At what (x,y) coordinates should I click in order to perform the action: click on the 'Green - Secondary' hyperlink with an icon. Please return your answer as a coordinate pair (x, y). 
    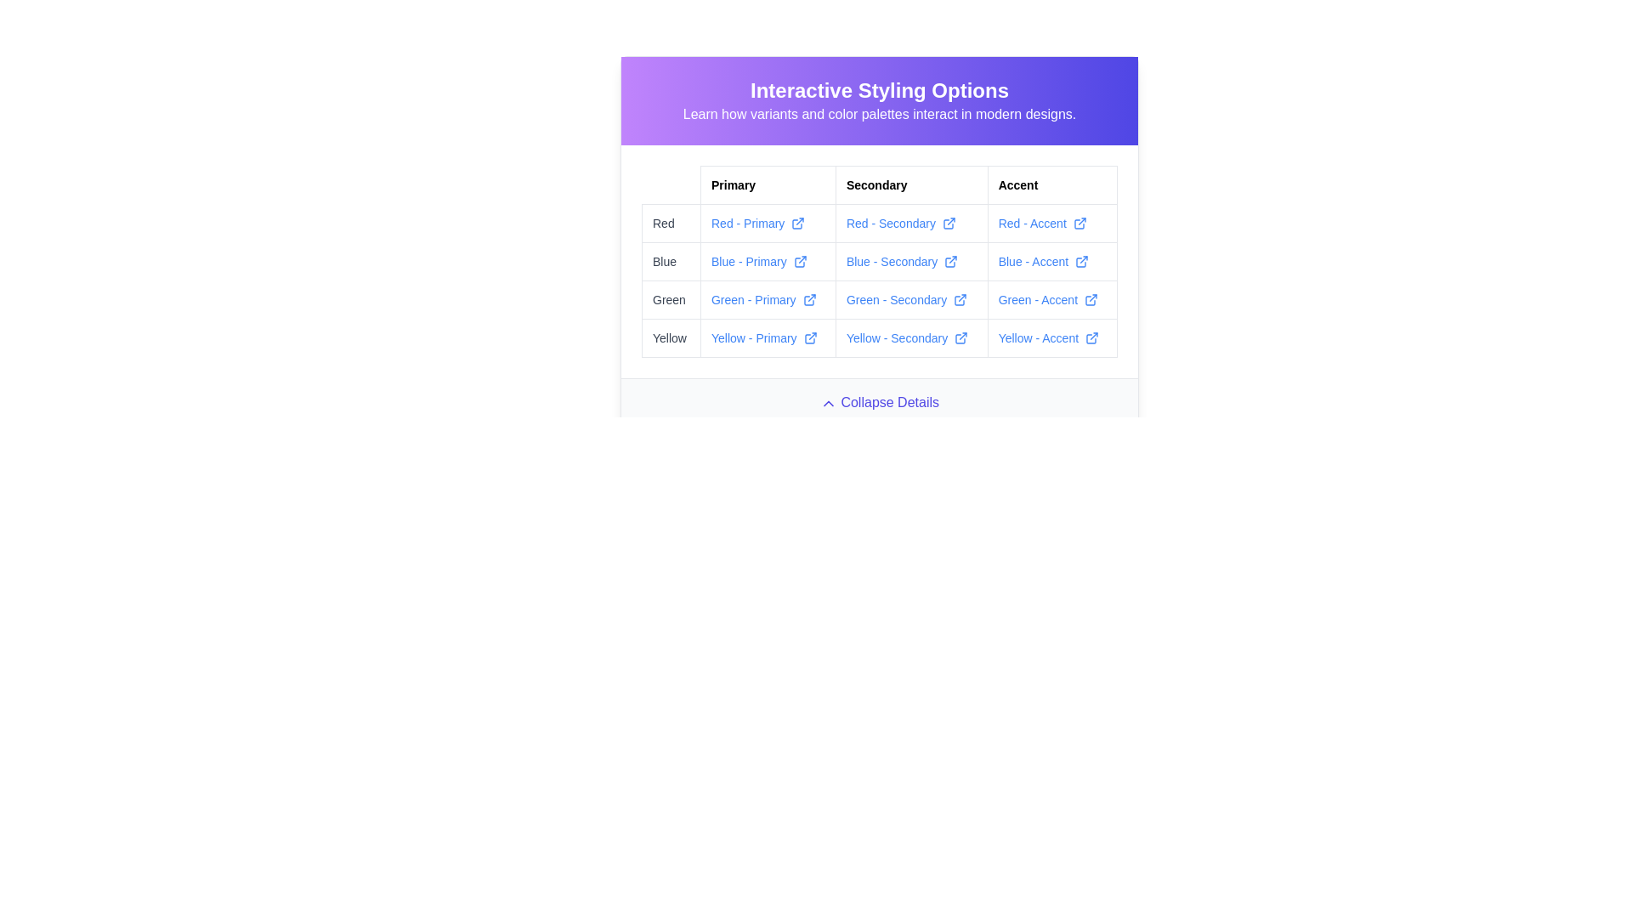
    Looking at the image, I should click on (910, 299).